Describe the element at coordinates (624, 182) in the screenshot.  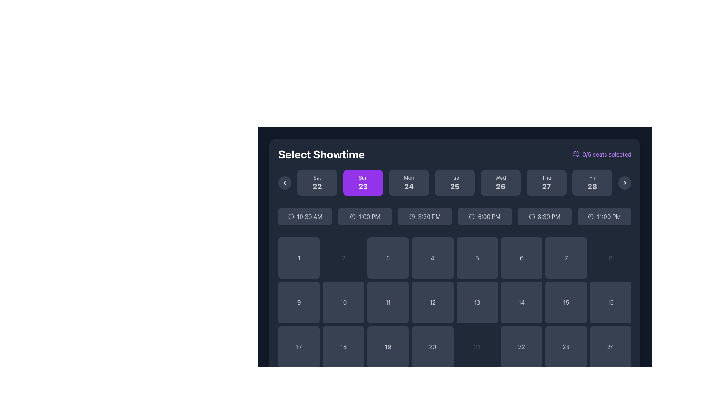
I see `the circular button with a dark gray background and a white chevron pointing to the right, located in the top-right portion of the navigation bar` at that location.